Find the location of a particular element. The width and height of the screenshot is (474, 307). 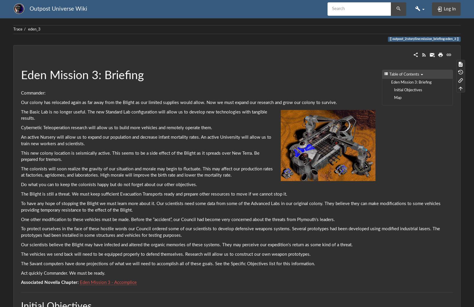

'The vehicles we send back will need to be equipped properly to defend themselves.  Research will allow us to construct our own weapon prototypes.' is located at coordinates (165, 254).